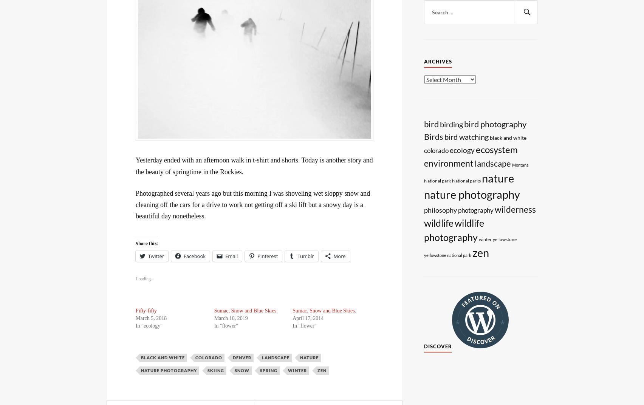 The height and width of the screenshot is (405, 644). I want to click on 'ecosystem', so click(475, 149).